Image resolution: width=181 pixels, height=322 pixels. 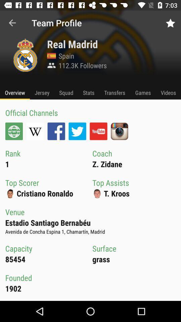 I want to click on item above the cristiano ronaldo icon, so click(x=77, y=131).